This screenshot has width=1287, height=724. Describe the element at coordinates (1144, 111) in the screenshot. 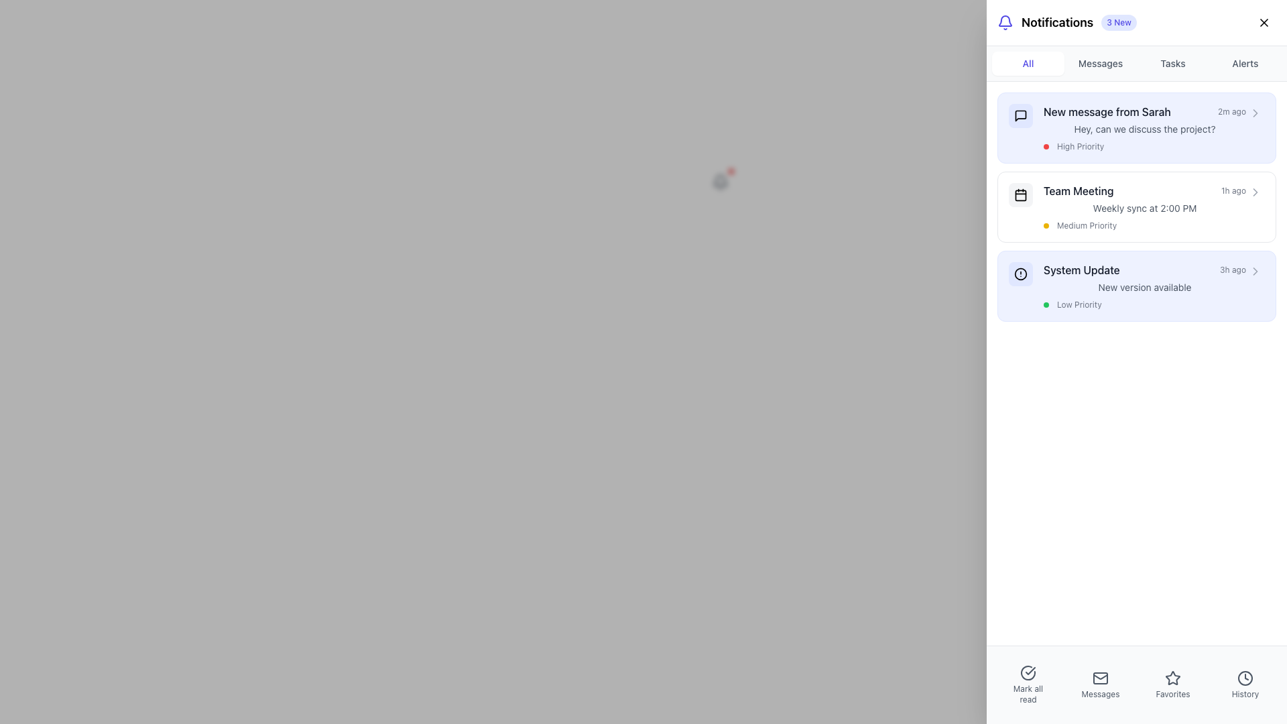

I see `the notification text display that reads 'New message from Sarah' with a timestamp '2m ago' on the right, located in the notifications panel` at that location.